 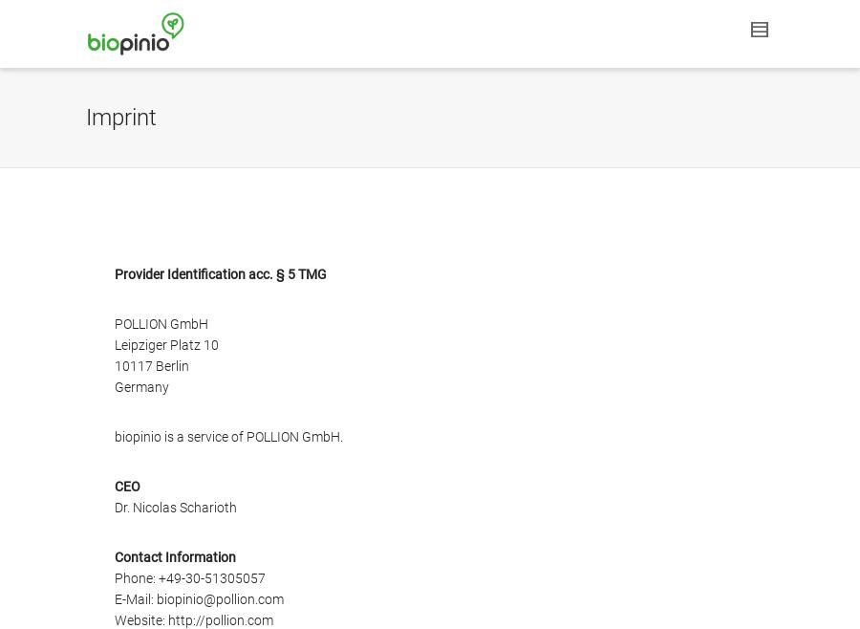 I want to click on 'E-Mail: biopinio@pollion.com', so click(x=199, y=598).